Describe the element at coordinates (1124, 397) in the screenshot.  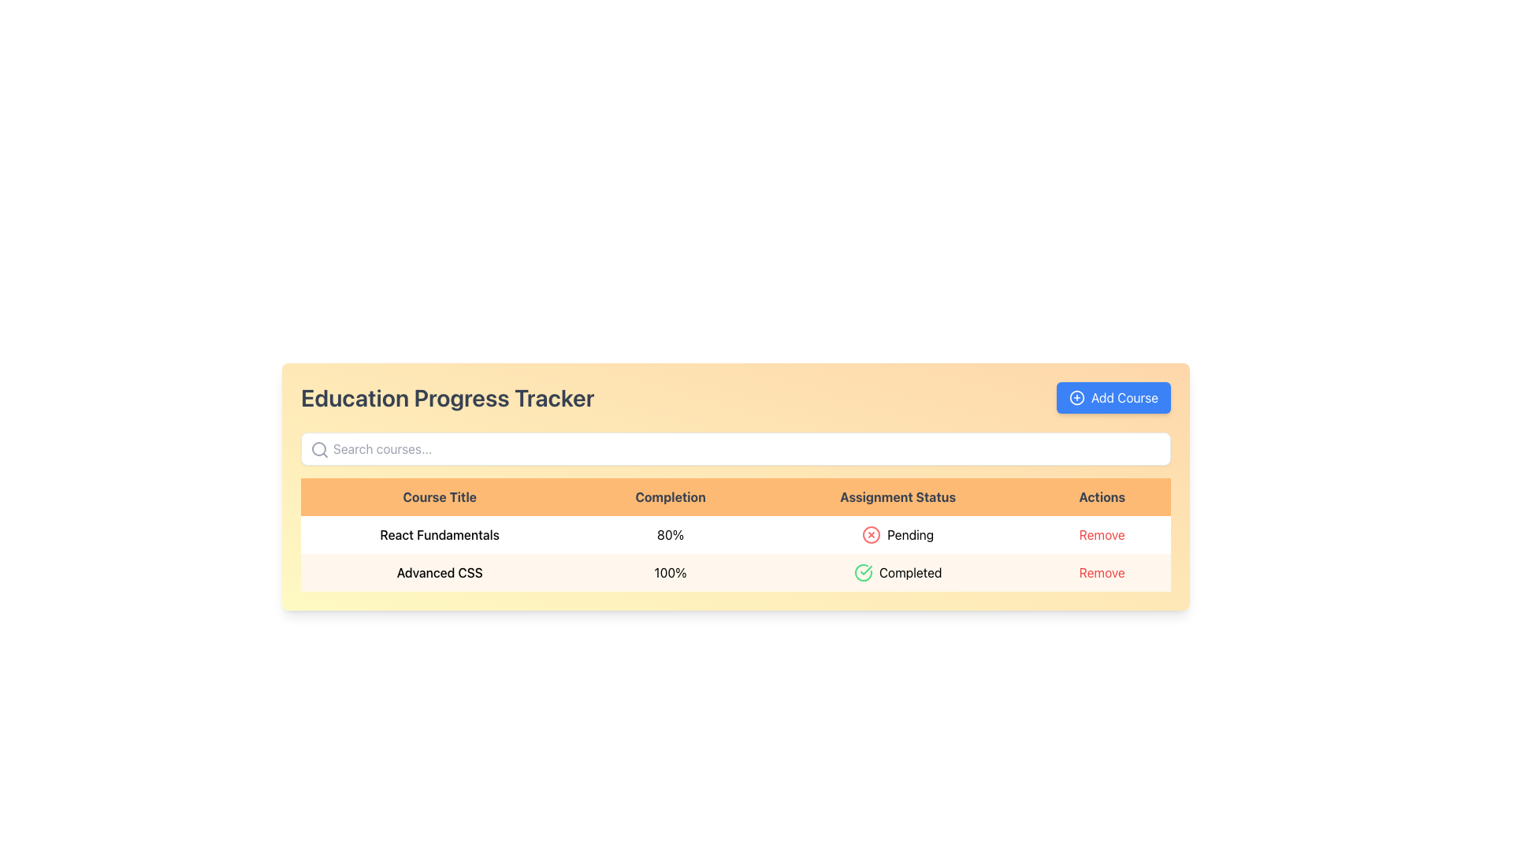
I see `the blue button labeled 'Add Course' located in the top-right corner of the card interface` at that location.